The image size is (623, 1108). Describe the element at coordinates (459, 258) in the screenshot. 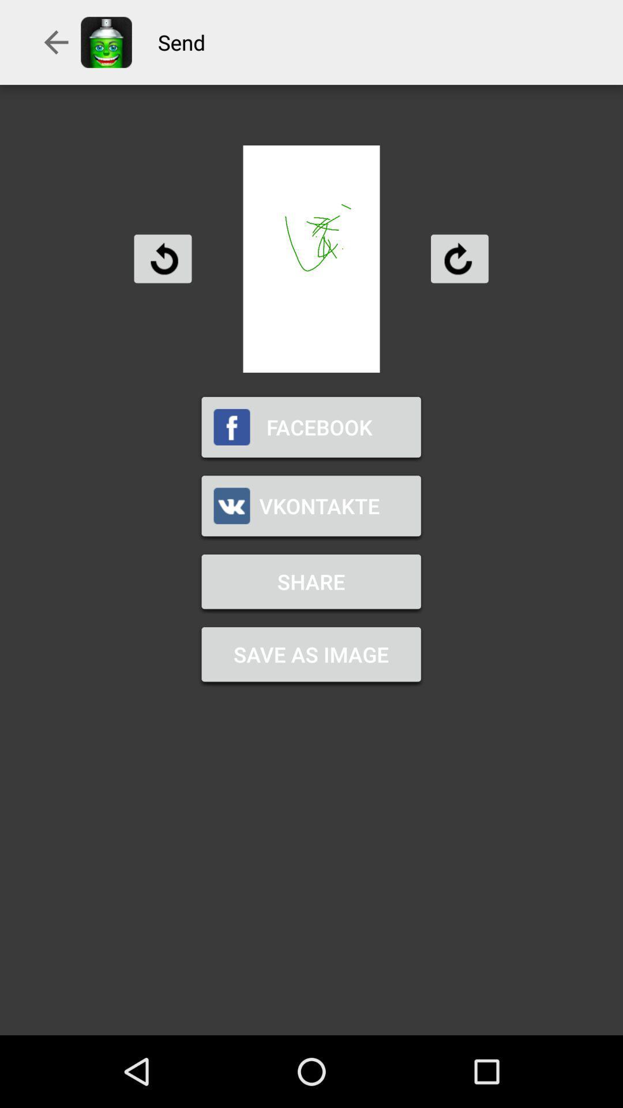

I see `rotate right` at that location.